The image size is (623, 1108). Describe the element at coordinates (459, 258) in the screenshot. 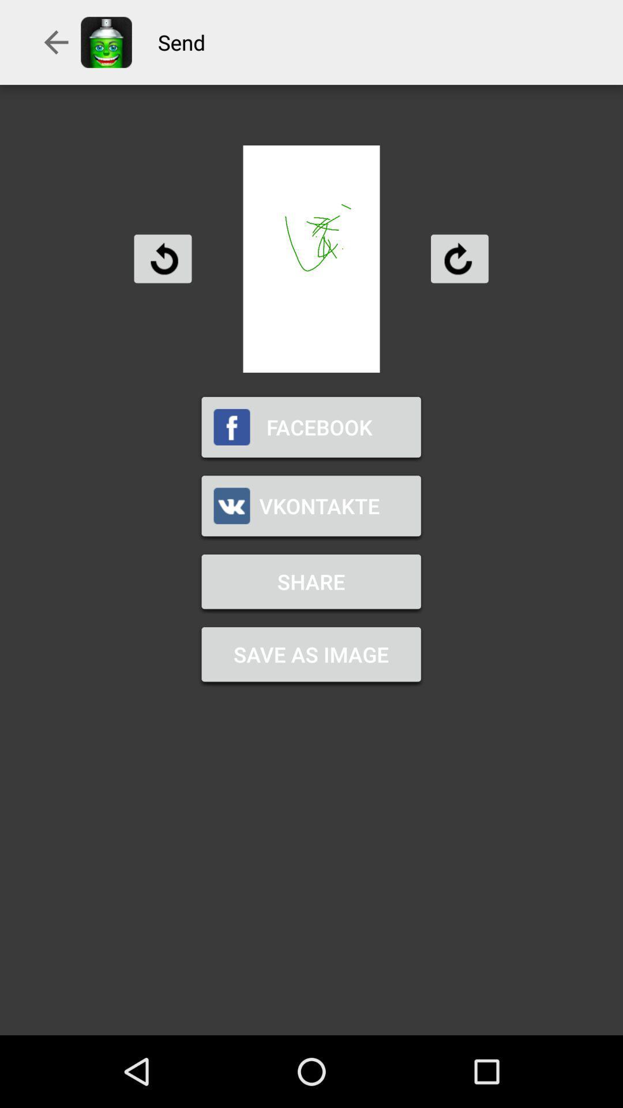

I see `rotate right` at that location.